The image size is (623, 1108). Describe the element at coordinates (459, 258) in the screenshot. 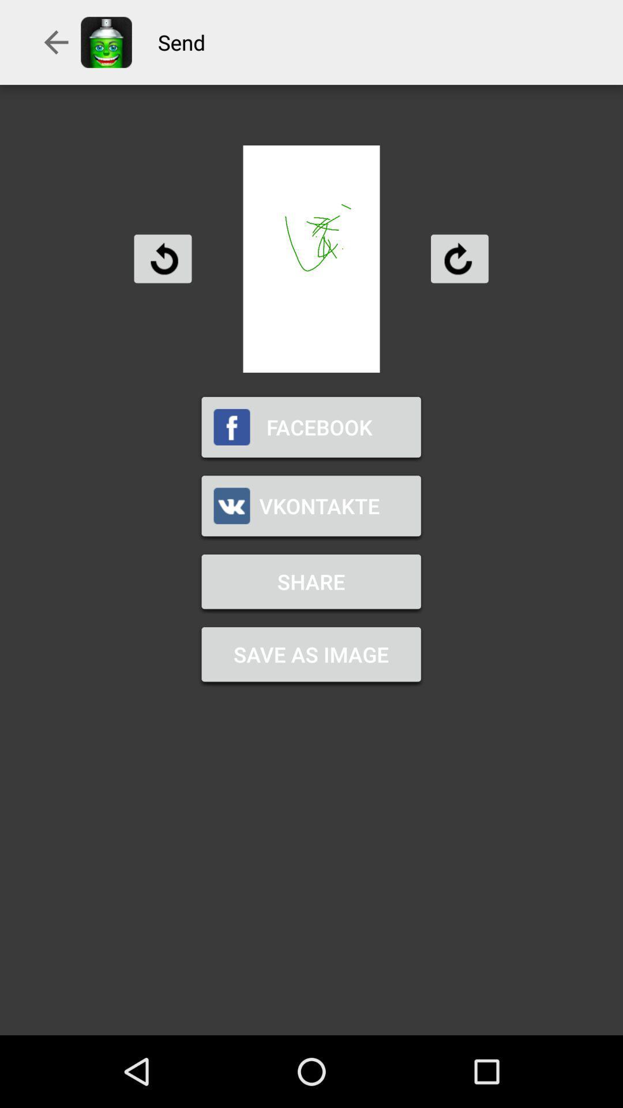

I see `rotate right` at that location.